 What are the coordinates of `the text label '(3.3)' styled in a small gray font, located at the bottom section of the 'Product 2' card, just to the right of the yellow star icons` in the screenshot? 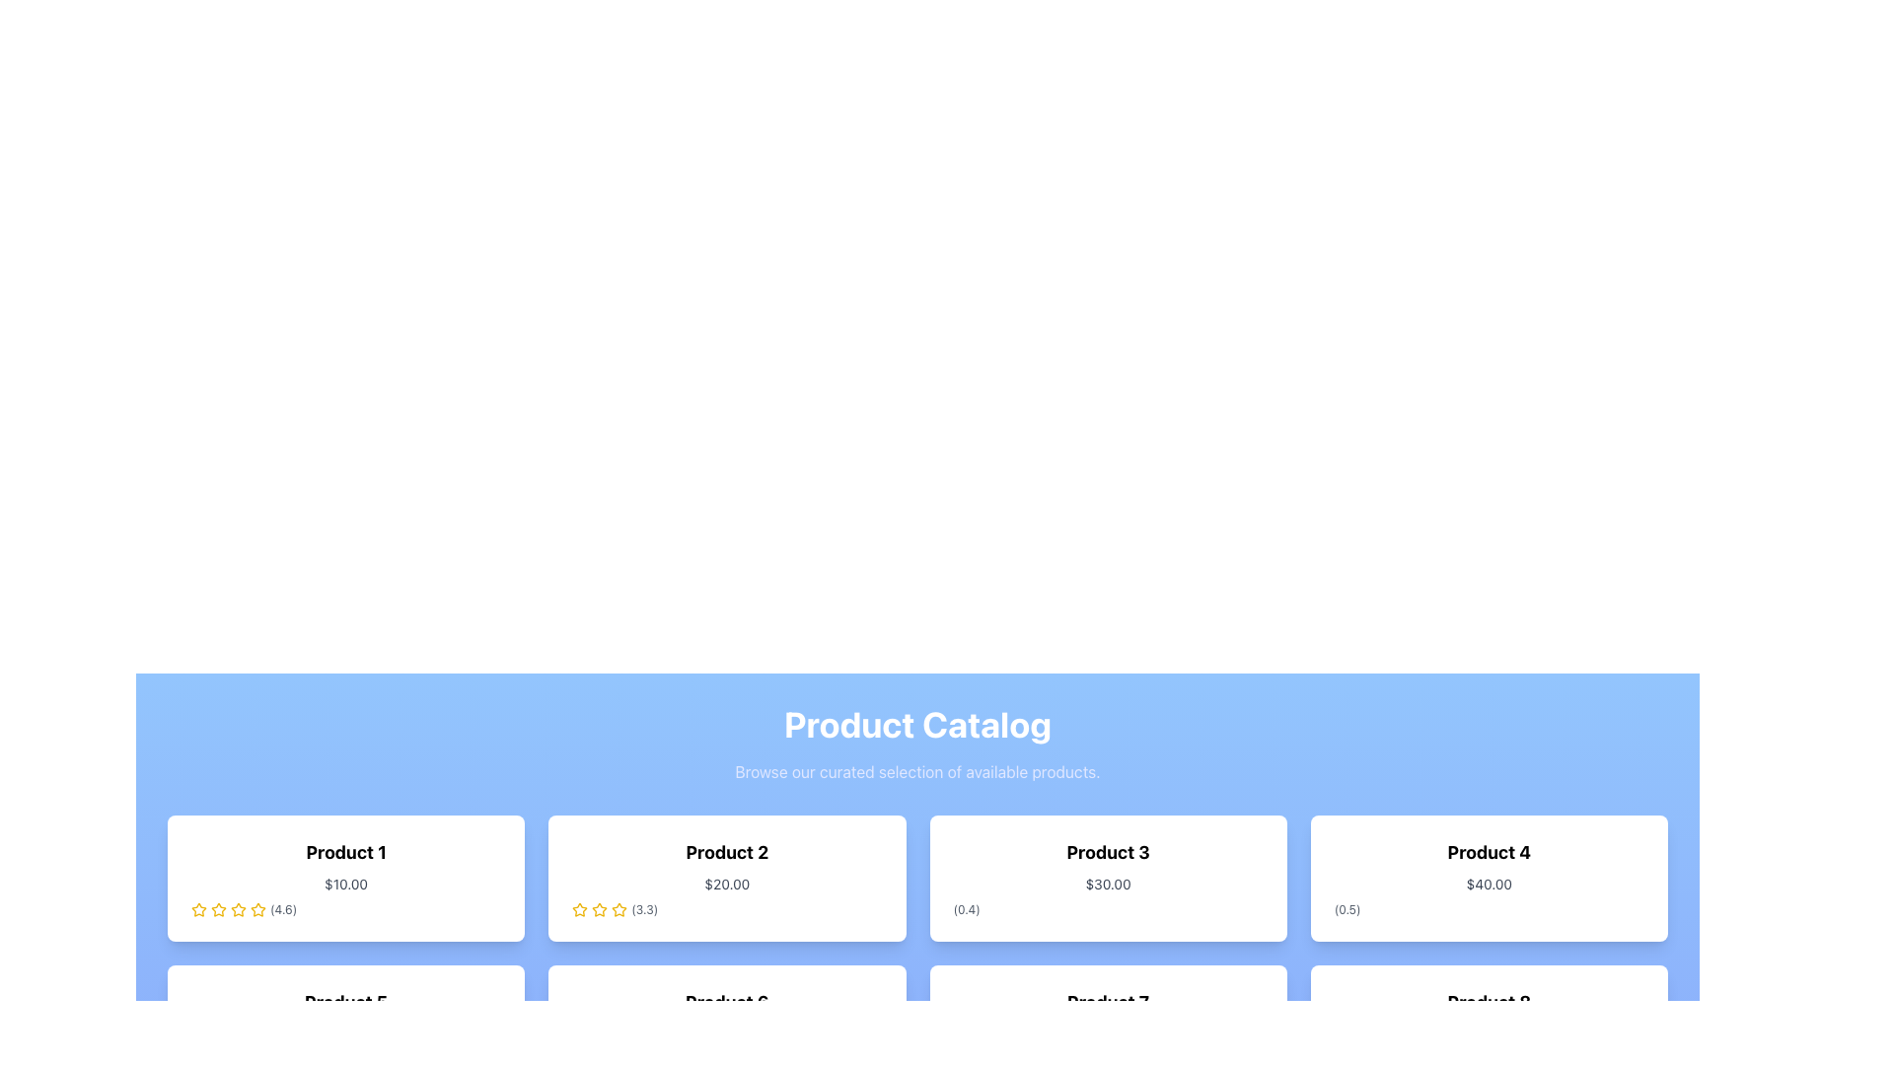 It's located at (644, 909).